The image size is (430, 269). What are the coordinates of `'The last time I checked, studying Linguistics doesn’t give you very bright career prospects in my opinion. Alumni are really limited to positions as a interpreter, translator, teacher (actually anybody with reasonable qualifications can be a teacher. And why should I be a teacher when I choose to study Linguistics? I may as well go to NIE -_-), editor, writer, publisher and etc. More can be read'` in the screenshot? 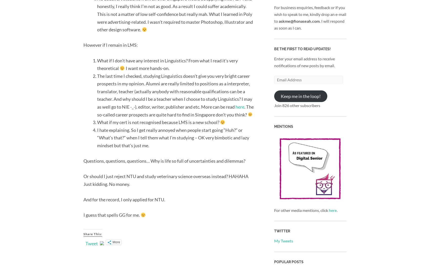 It's located at (175, 91).